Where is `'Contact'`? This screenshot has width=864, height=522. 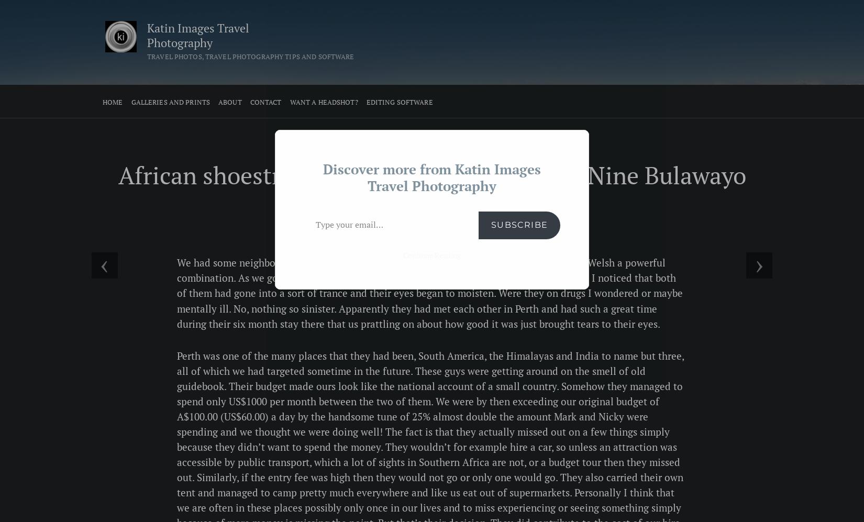 'Contact' is located at coordinates (265, 102).